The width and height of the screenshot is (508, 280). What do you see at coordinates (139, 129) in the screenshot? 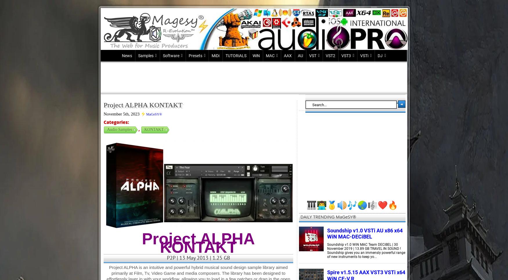
I see `','` at bounding box center [139, 129].